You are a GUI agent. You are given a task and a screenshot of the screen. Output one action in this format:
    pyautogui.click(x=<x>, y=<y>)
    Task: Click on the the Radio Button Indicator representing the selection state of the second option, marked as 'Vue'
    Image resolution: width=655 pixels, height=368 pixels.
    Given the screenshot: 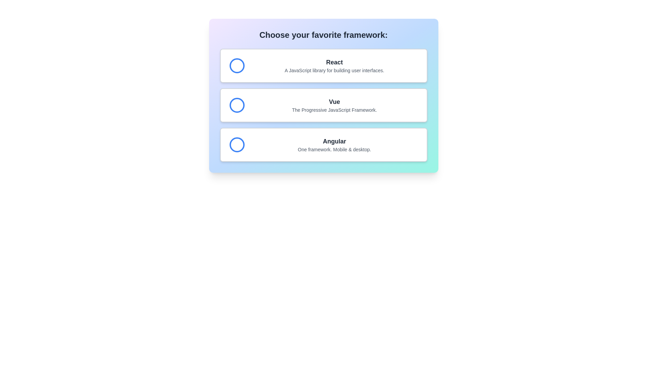 What is the action you would take?
    pyautogui.click(x=237, y=105)
    